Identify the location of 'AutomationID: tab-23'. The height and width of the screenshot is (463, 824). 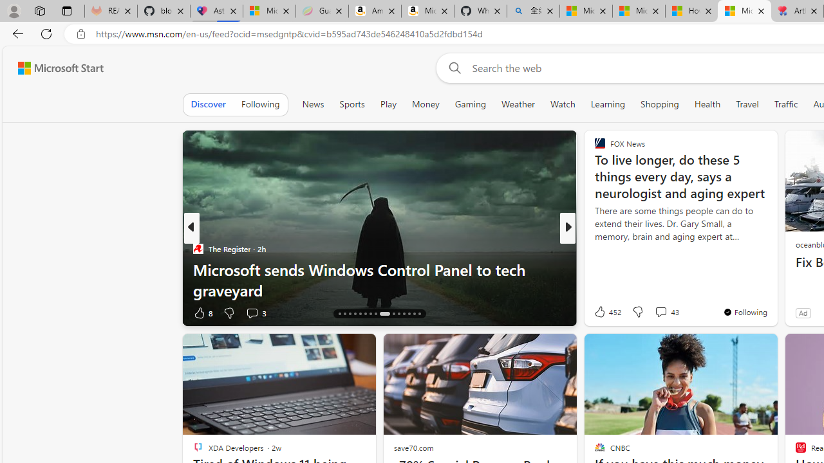
(375, 314).